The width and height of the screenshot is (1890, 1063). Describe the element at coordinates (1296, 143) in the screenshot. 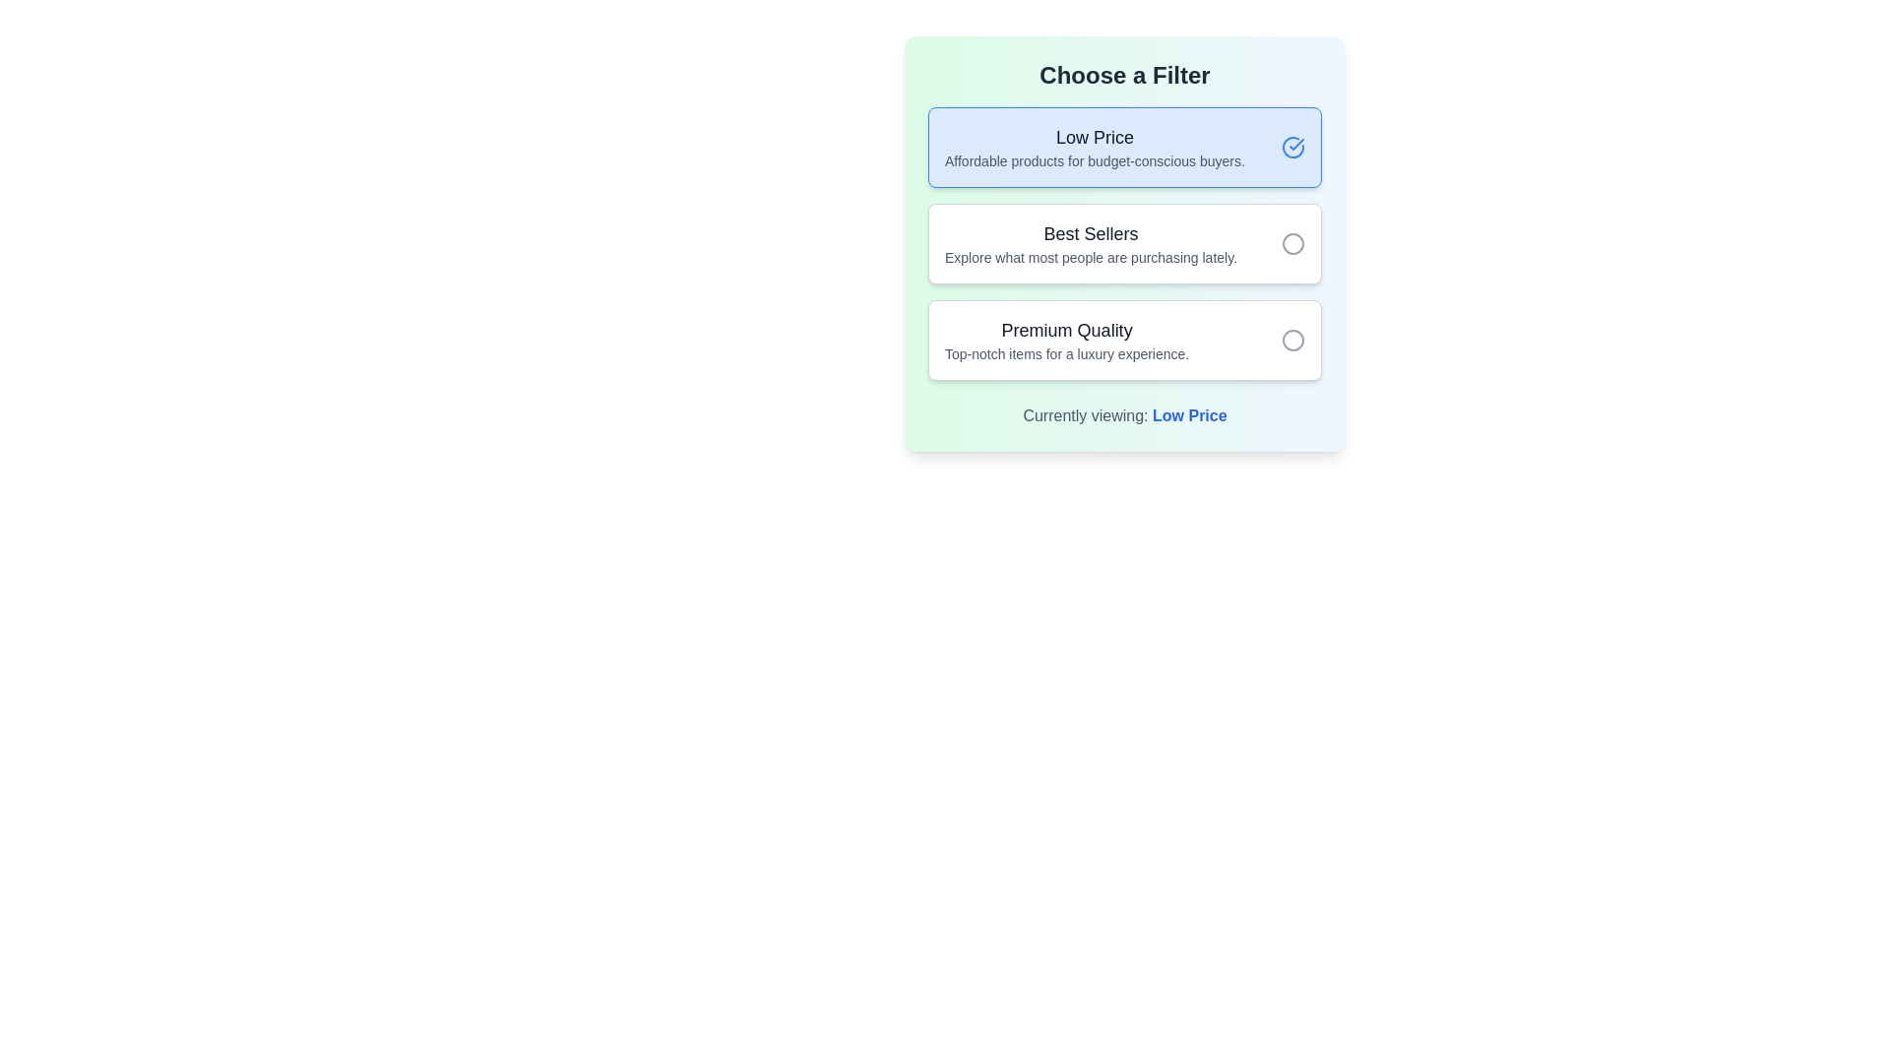

I see `the check mark icon in the top-right corner of the 'Low Price' section` at that location.